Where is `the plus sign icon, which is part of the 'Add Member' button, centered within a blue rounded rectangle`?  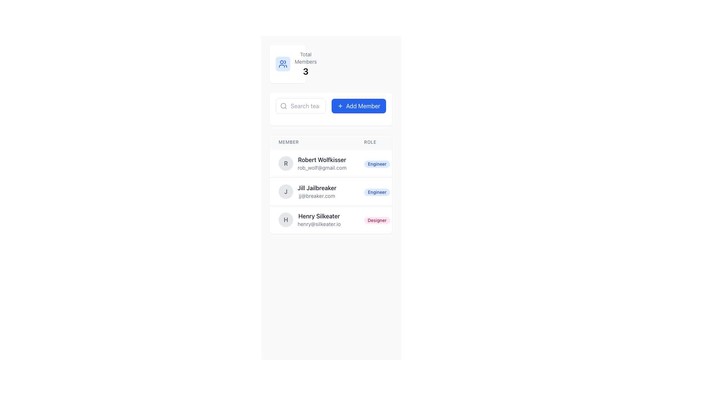 the plus sign icon, which is part of the 'Add Member' button, centered within a blue rounded rectangle is located at coordinates (340, 106).